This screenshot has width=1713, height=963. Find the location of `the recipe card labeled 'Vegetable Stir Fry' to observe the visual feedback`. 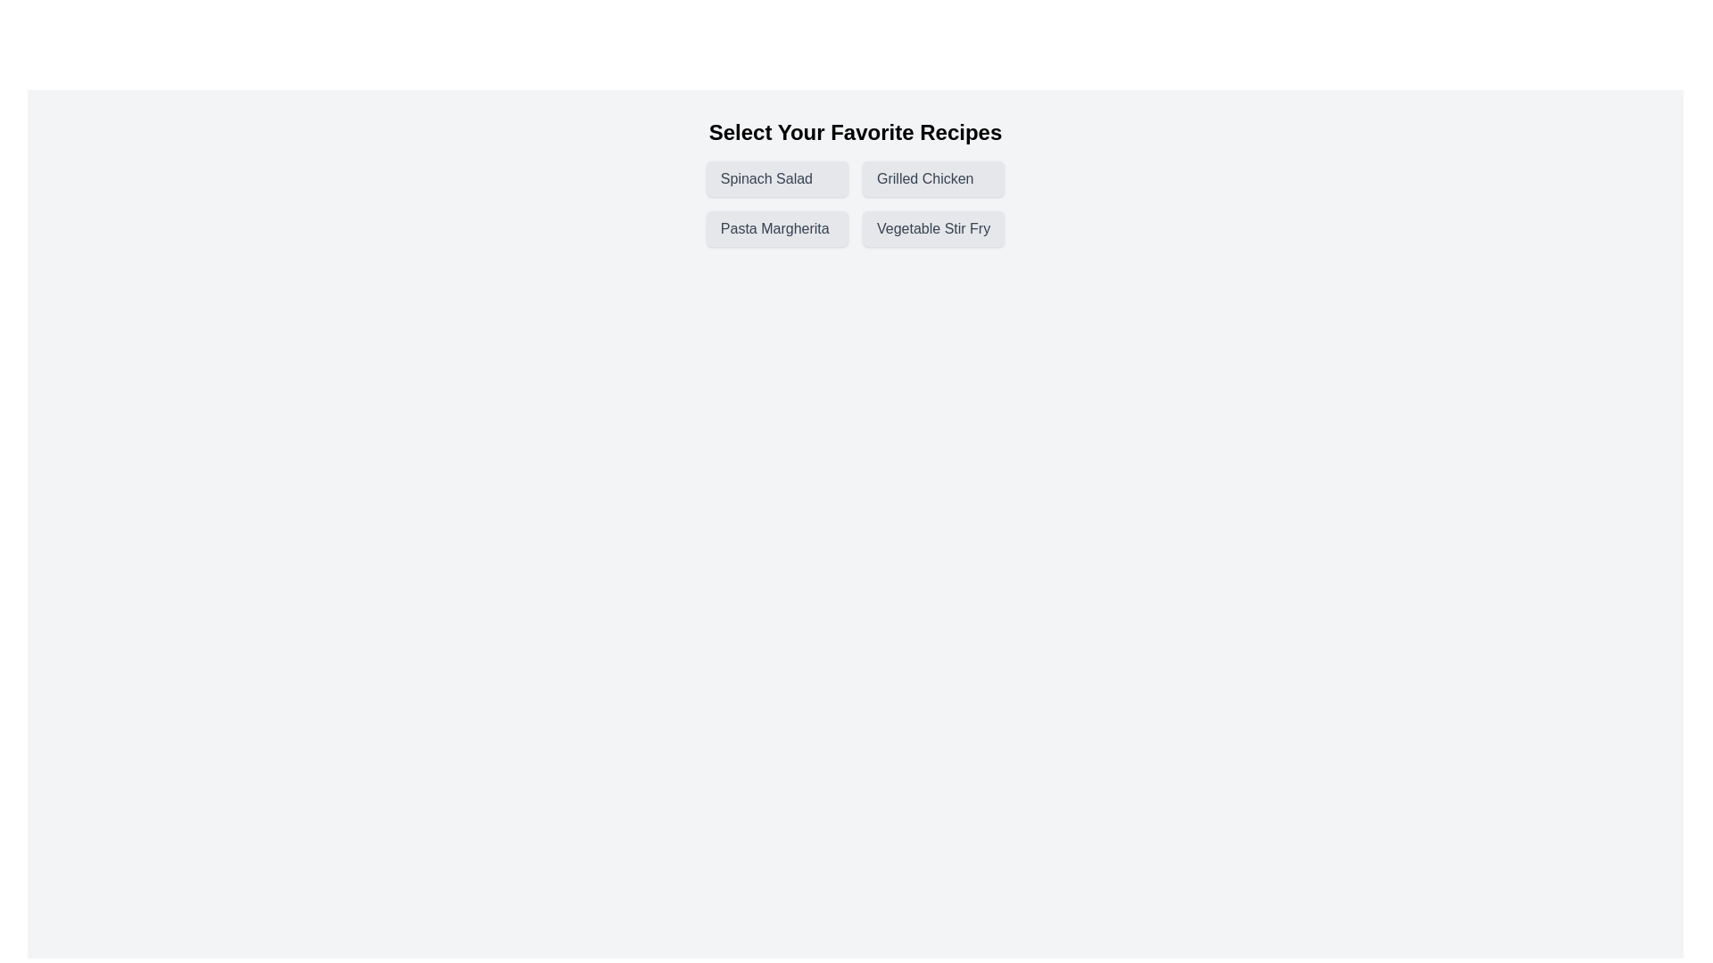

the recipe card labeled 'Vegetable Stir Fry' to observe the visual feedback is located at coordinates (932, 228).